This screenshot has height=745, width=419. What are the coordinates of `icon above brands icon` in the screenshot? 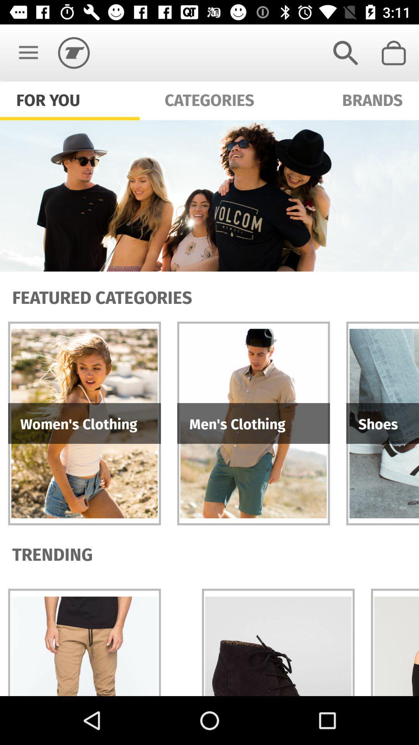 It's located at (345, 52).